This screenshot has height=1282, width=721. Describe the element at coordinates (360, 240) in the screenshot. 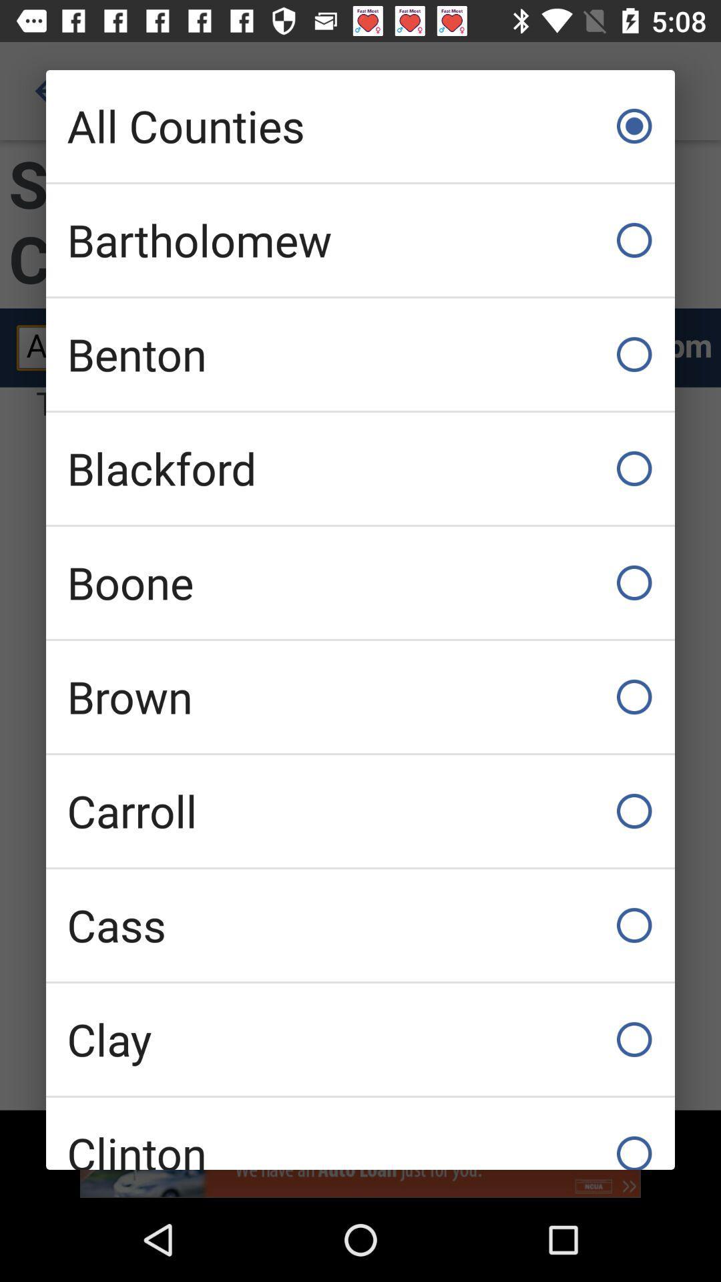

I see `bartholomew icon` at that location.